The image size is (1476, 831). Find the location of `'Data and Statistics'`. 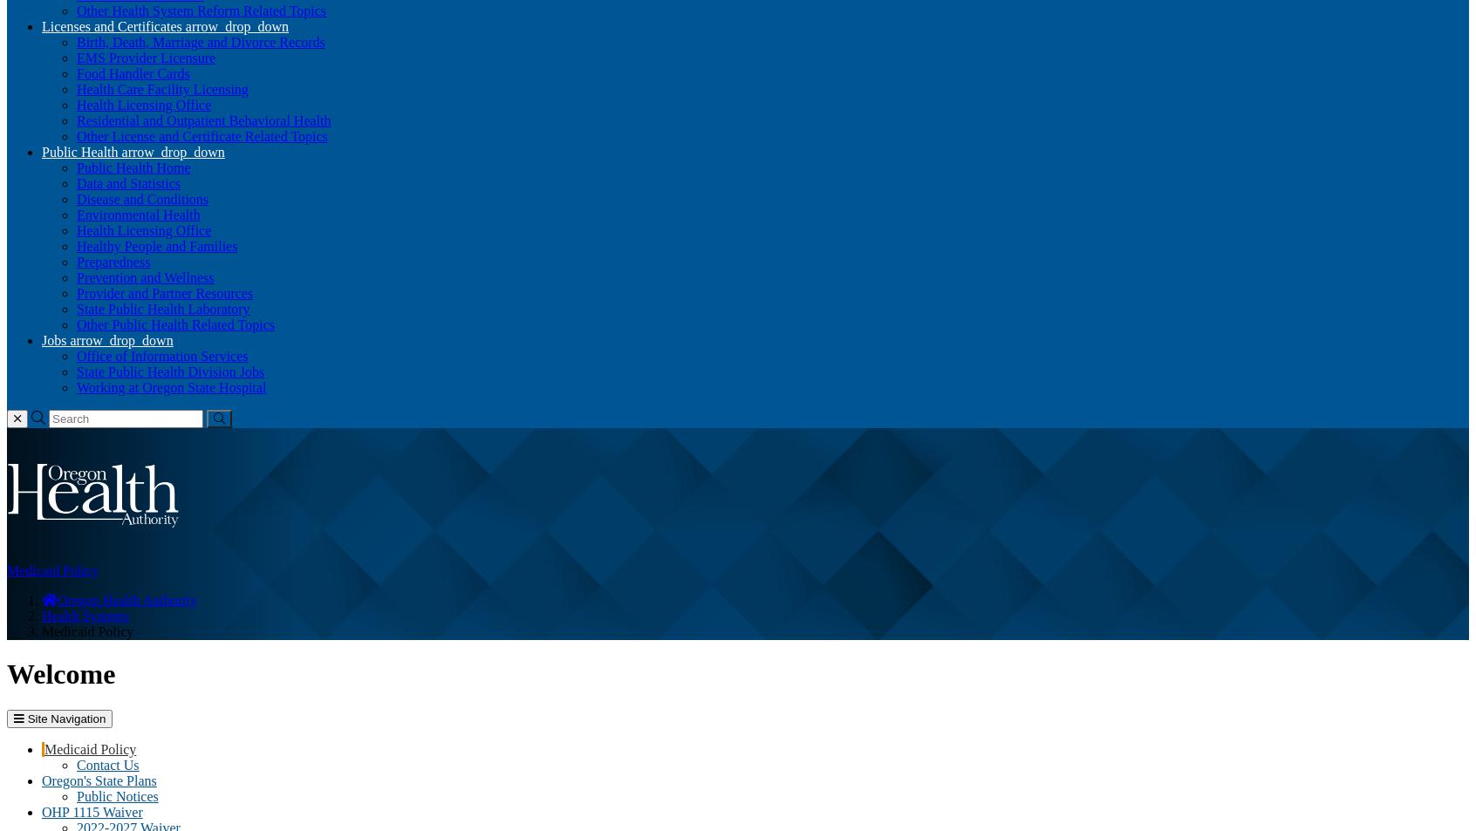

'Data and Statistics' is located at coordinates (127, 182).